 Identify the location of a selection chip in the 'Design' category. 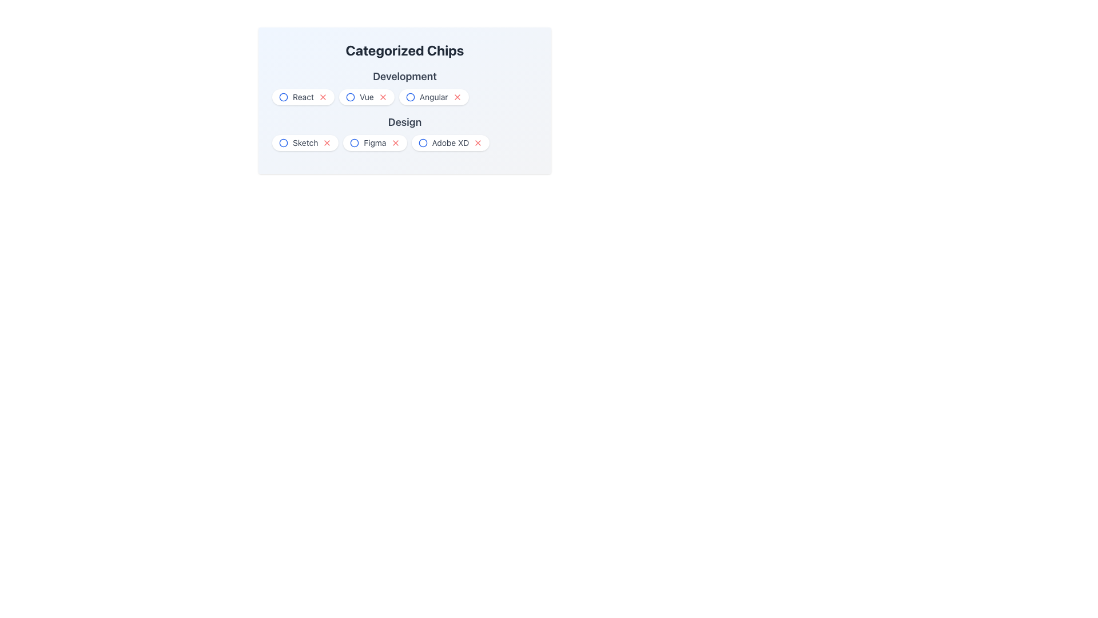
(405, 132).